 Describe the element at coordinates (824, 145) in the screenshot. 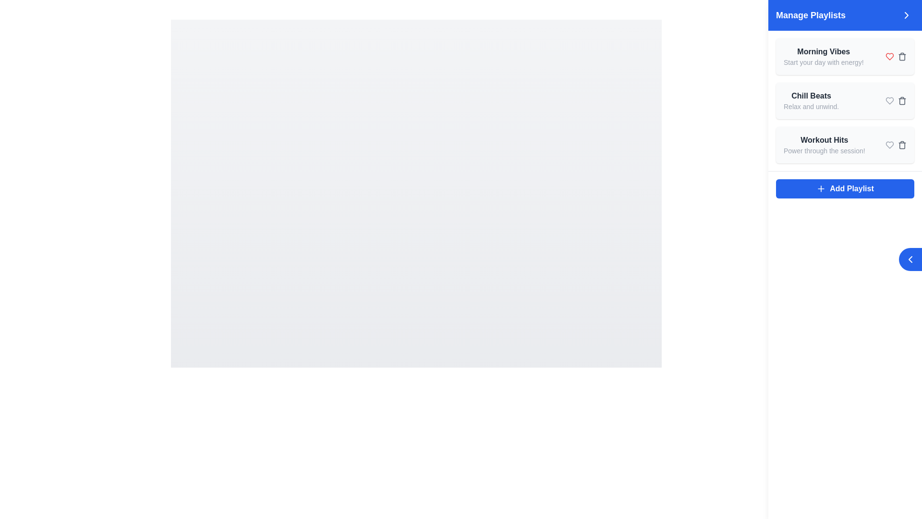

I see `the third item in the vertical list under the 'Manage Playlists' section, which represents a playlist title and description` at that location.